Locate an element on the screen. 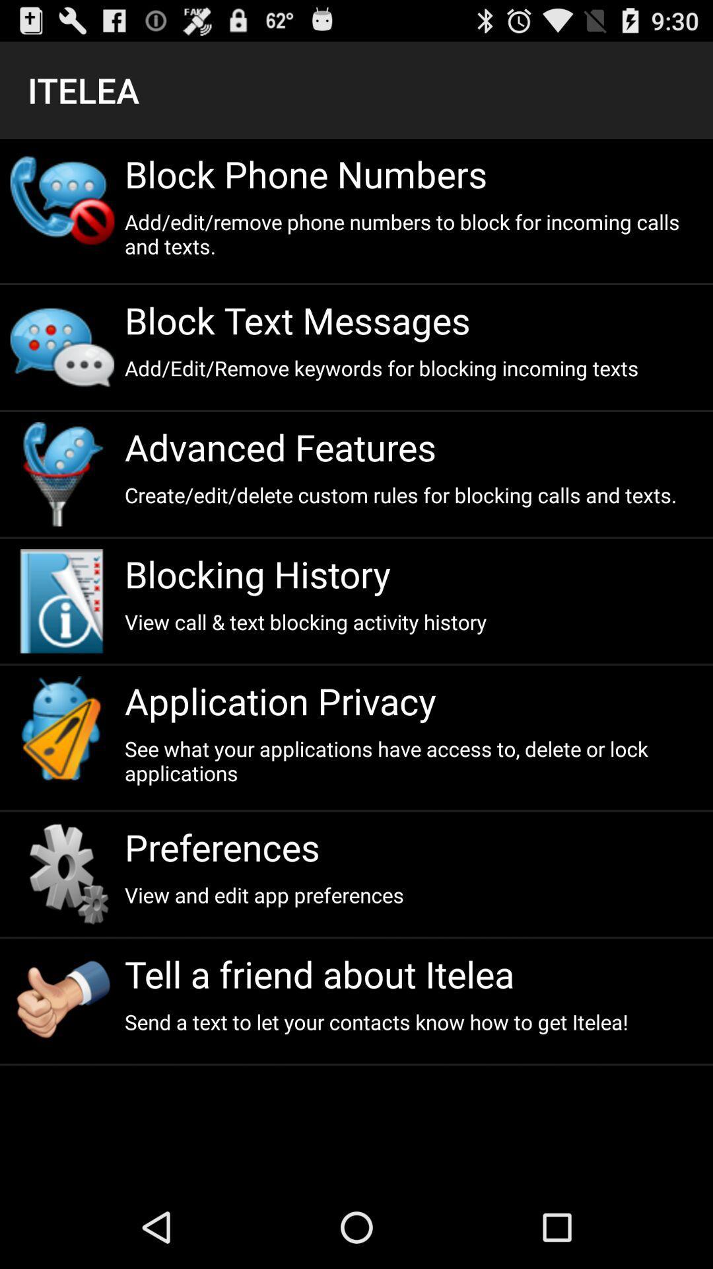  the icon below tell a friend item is located at coordinates (413, 1021).